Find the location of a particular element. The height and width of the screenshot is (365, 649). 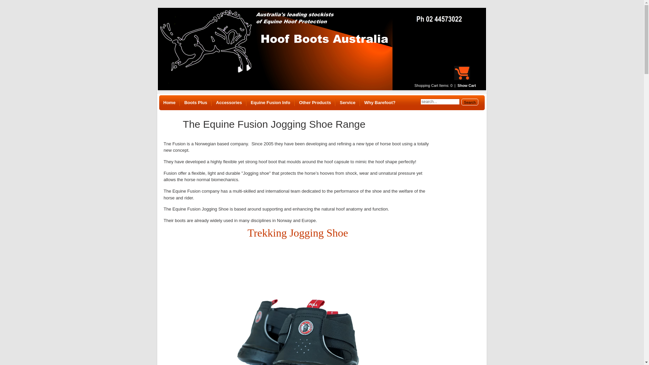

'Service' is located at coordinates (347, 103).